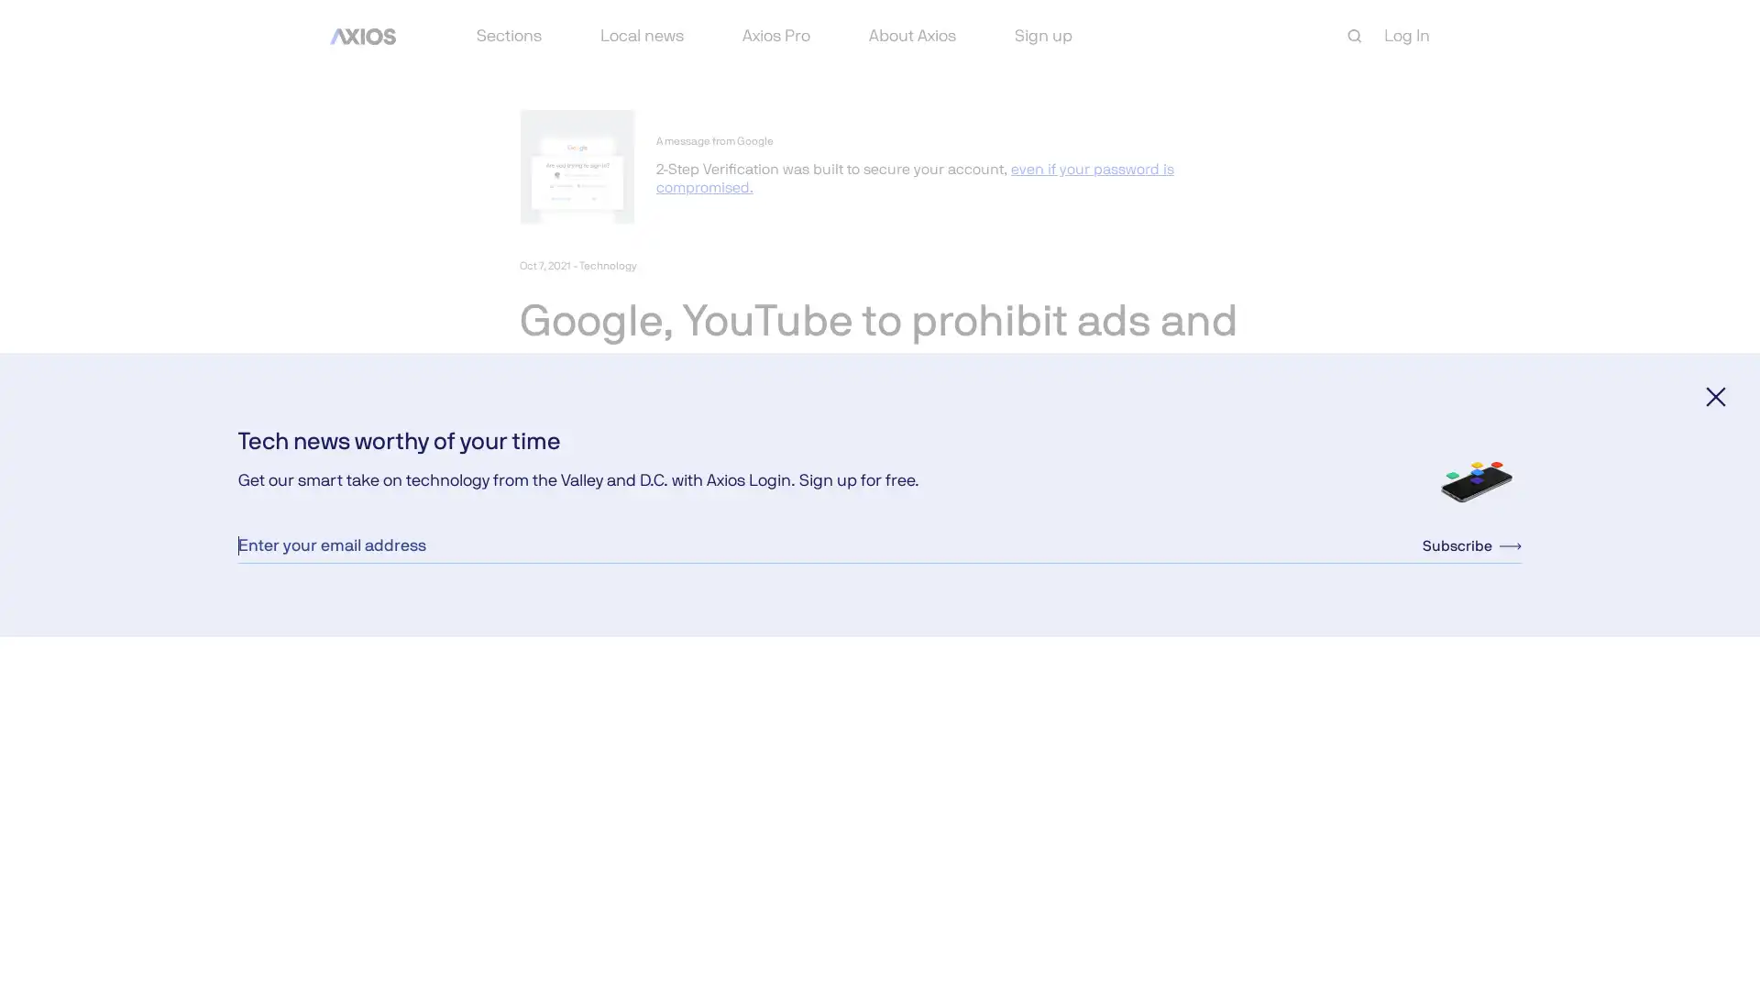 The image size is (1760, 990). Describe the element at coordinates (621, 553) in the screenshot. I see `linkedin` at that location.